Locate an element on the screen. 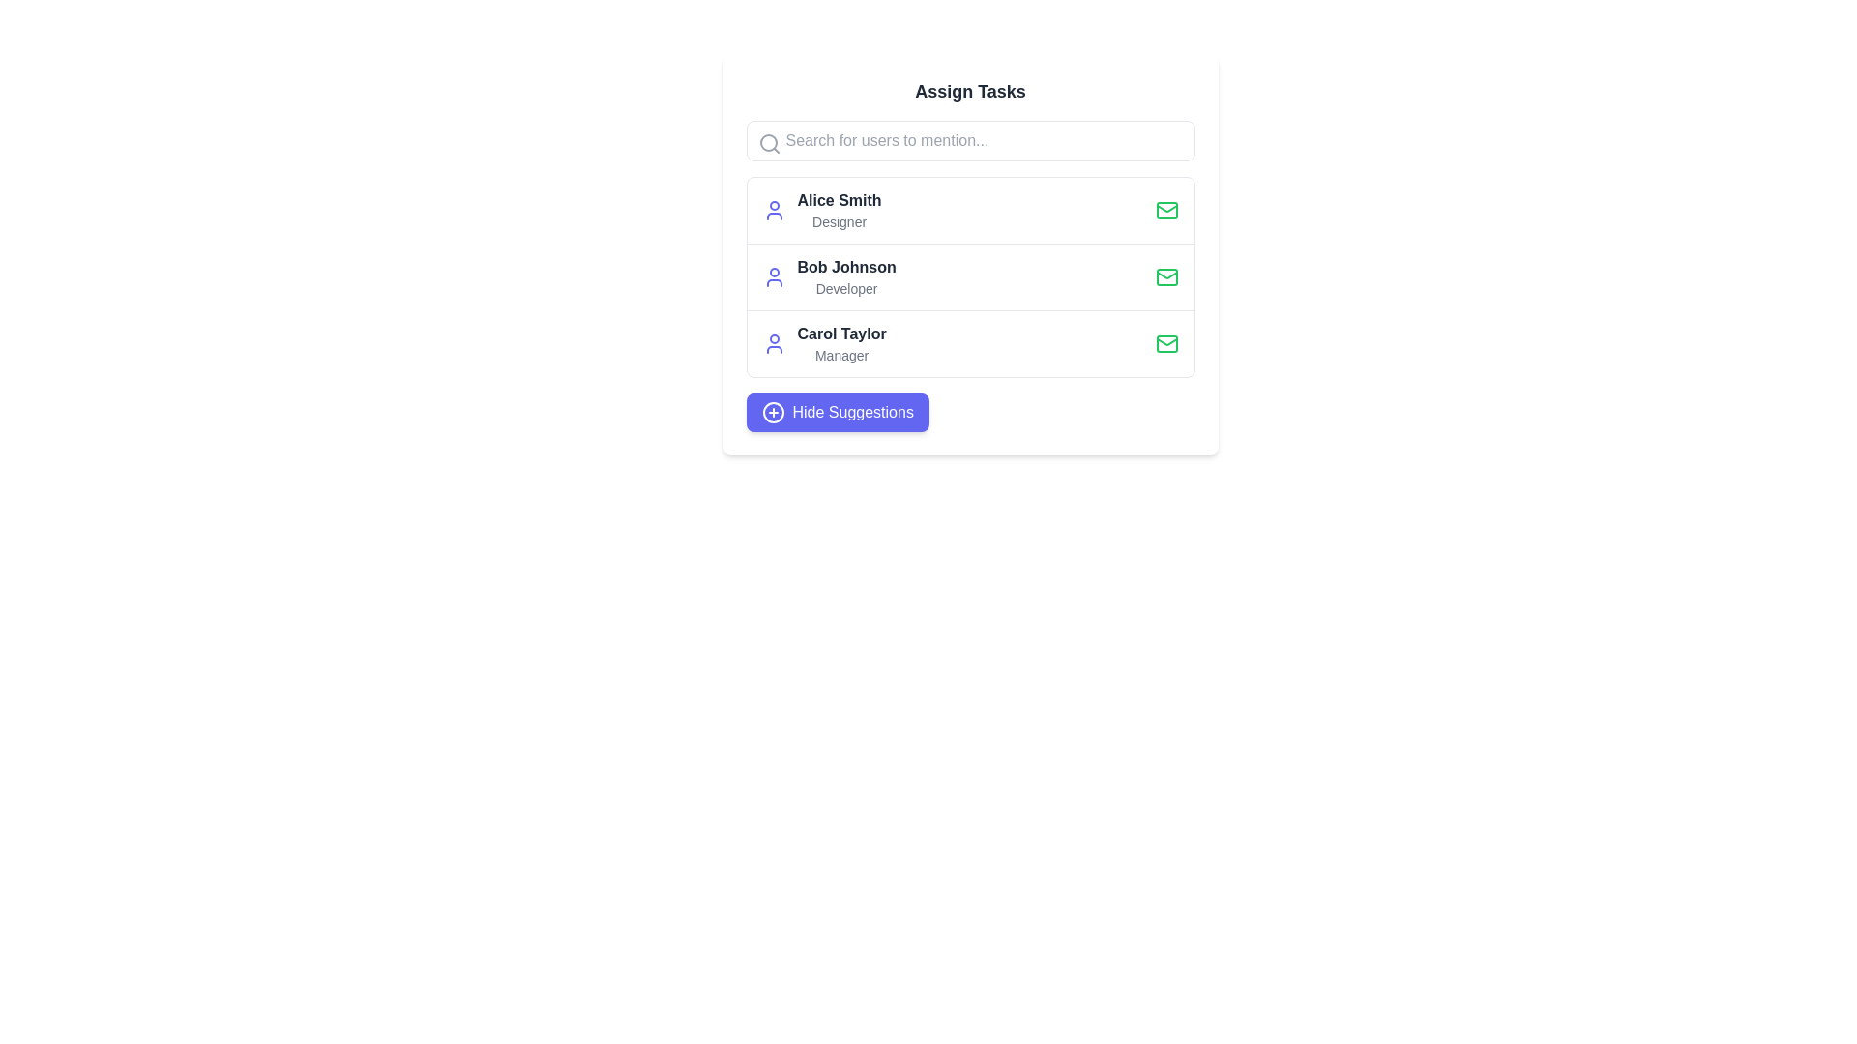  the circular icon embedded in the 'Hide Suggestions' button, which is located at the bottom of the task assignment interface and features a prominent purple background with white text is located at coordinates (772, 412).